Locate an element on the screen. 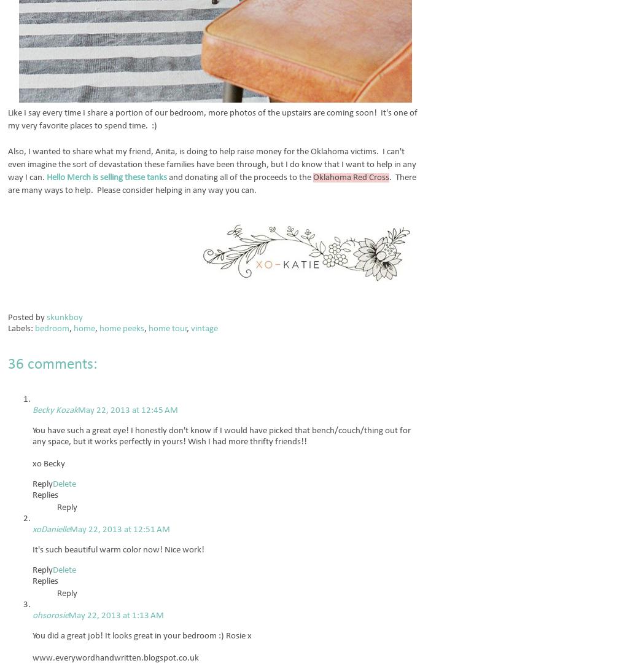  'xoDanielle' is located at coordinates (50, 530).